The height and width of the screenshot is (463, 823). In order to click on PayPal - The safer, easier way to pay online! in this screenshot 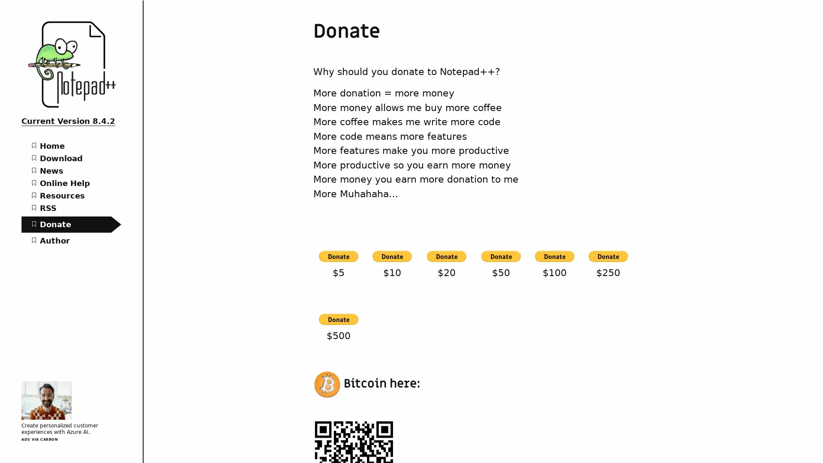, I will do `click(608, 256)`.